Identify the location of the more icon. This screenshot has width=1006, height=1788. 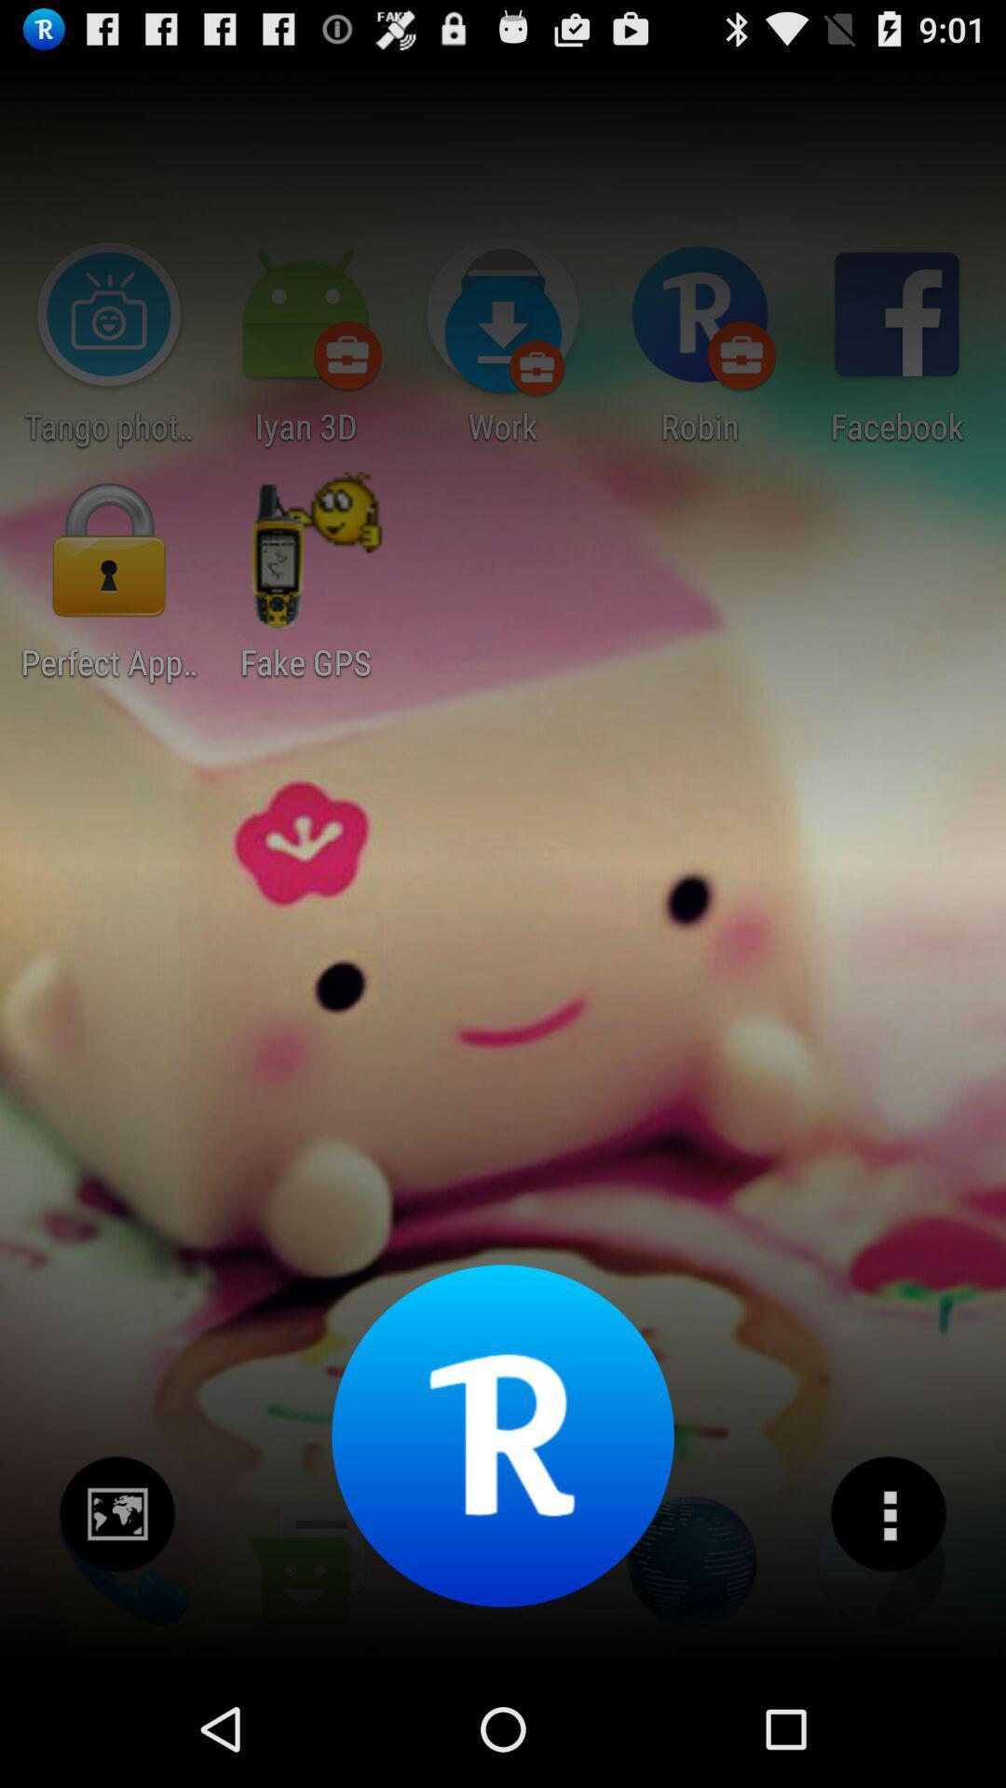
(887, 1619).